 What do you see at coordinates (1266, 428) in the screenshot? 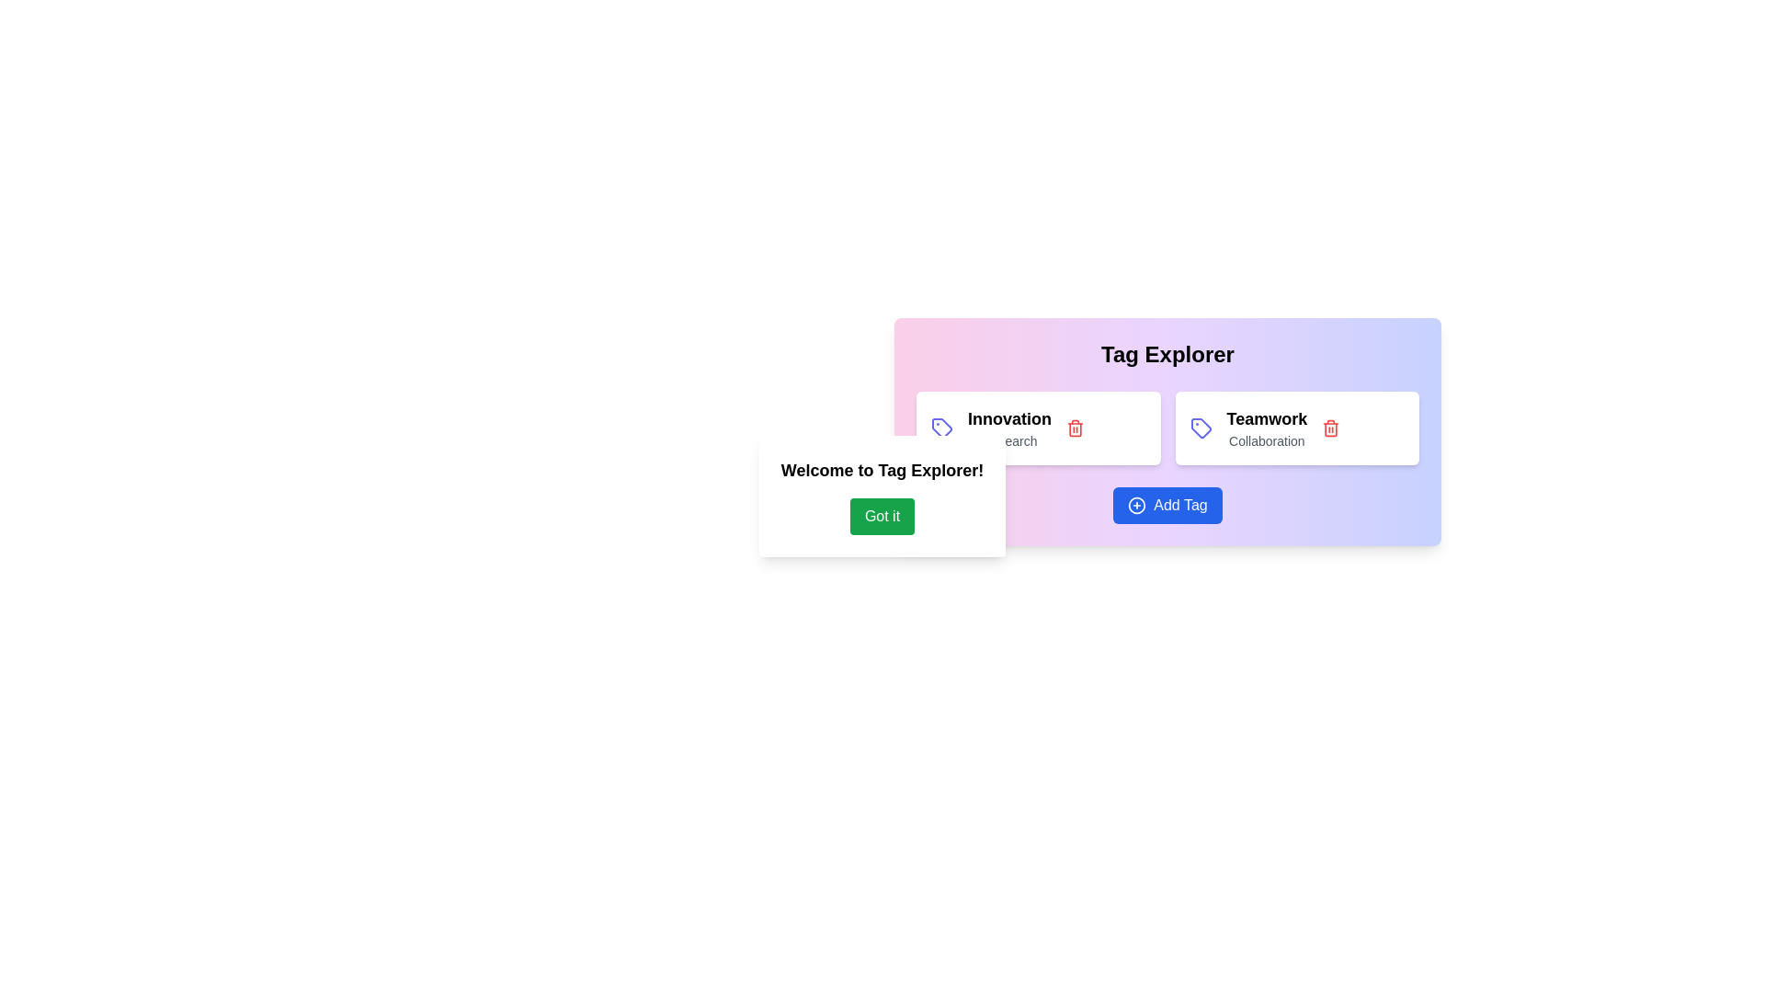
I see `the 'Teamwork' text label within the second card of the 'Tag Explorer' section` at bounding box center [1266, 428].